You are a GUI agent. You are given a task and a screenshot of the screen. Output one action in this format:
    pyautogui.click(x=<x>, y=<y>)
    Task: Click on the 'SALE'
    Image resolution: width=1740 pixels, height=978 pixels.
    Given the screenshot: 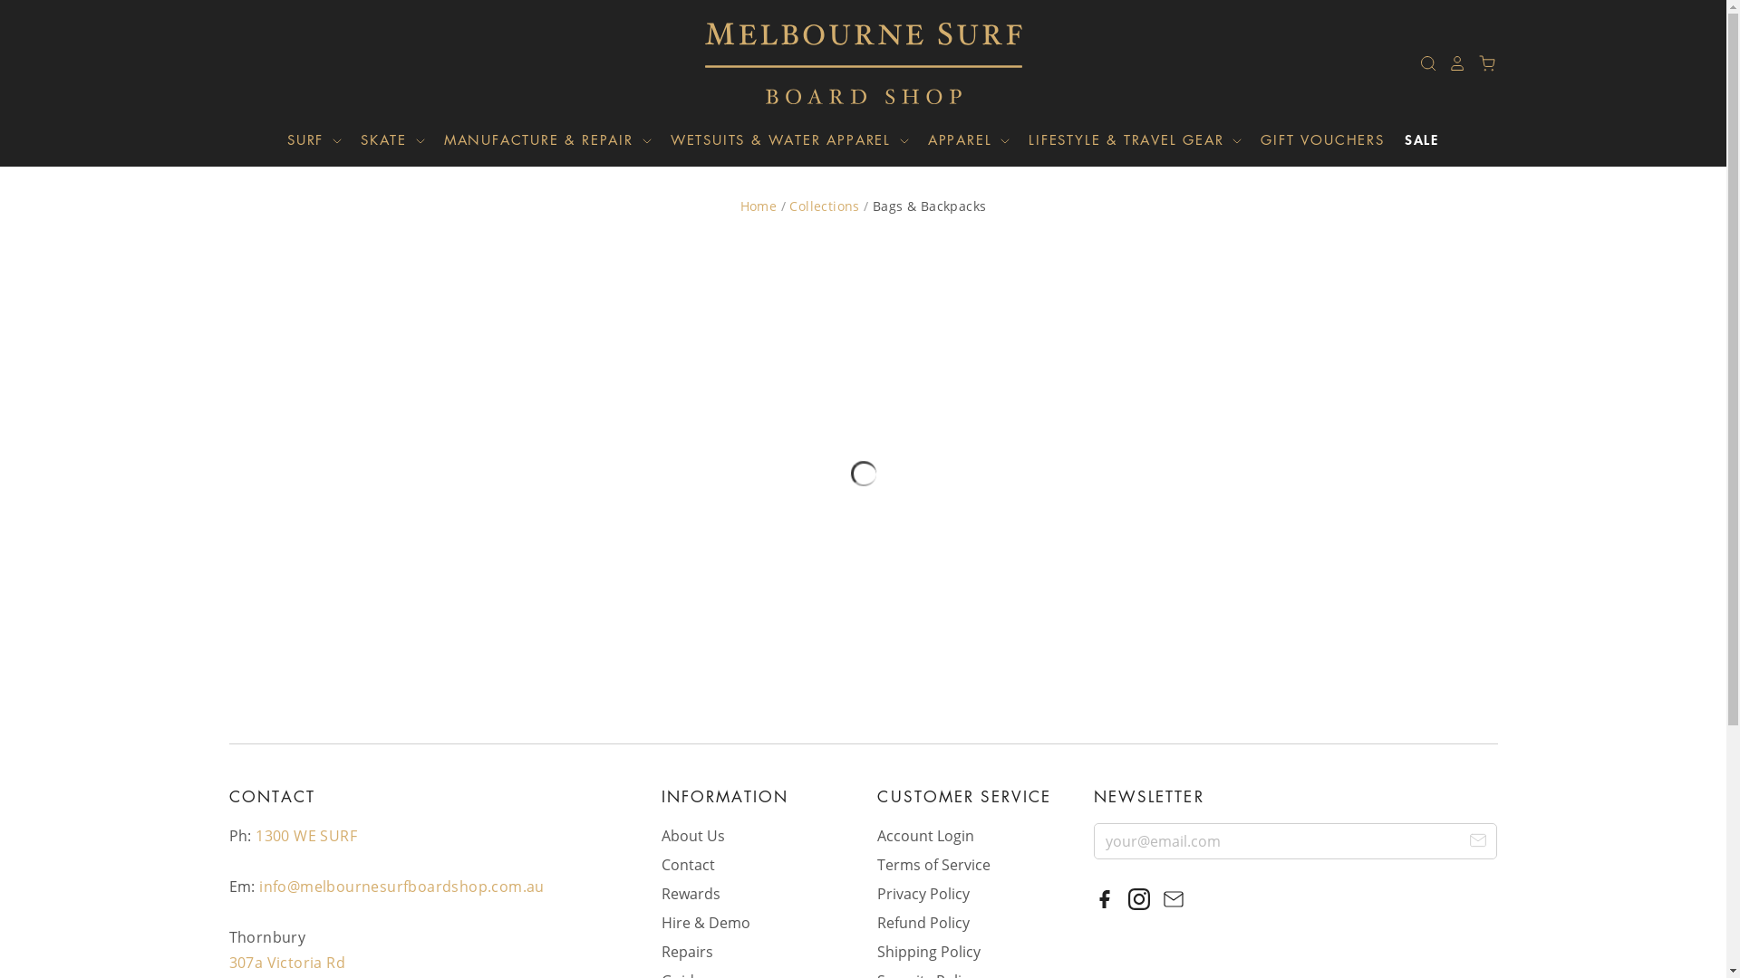 What is the action you would take?
    pyautogui.click(x=1385, y=139)
    